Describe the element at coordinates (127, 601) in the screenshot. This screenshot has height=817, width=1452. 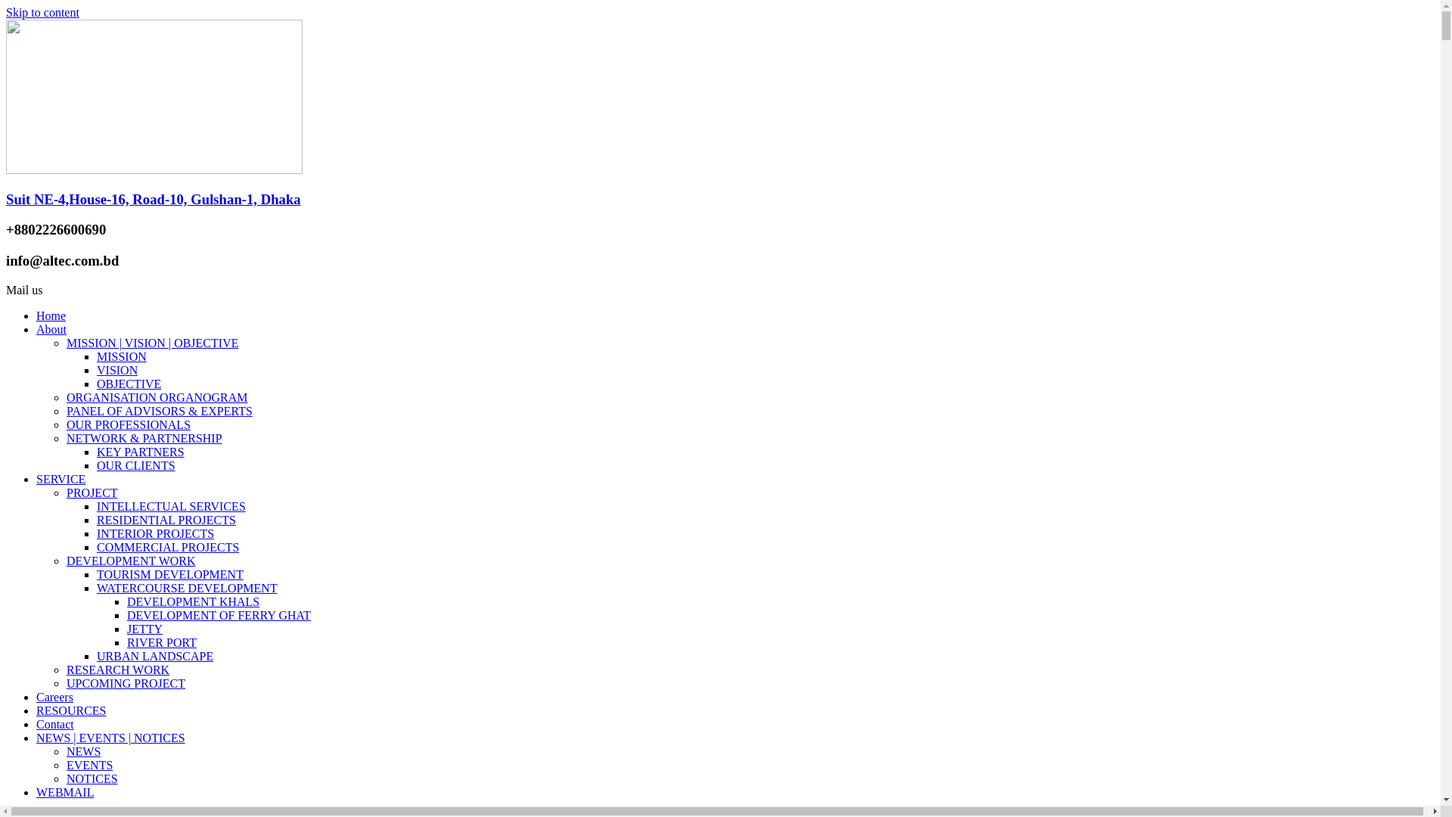
I see `'DEVELOPMENT KHALS'` at that location.